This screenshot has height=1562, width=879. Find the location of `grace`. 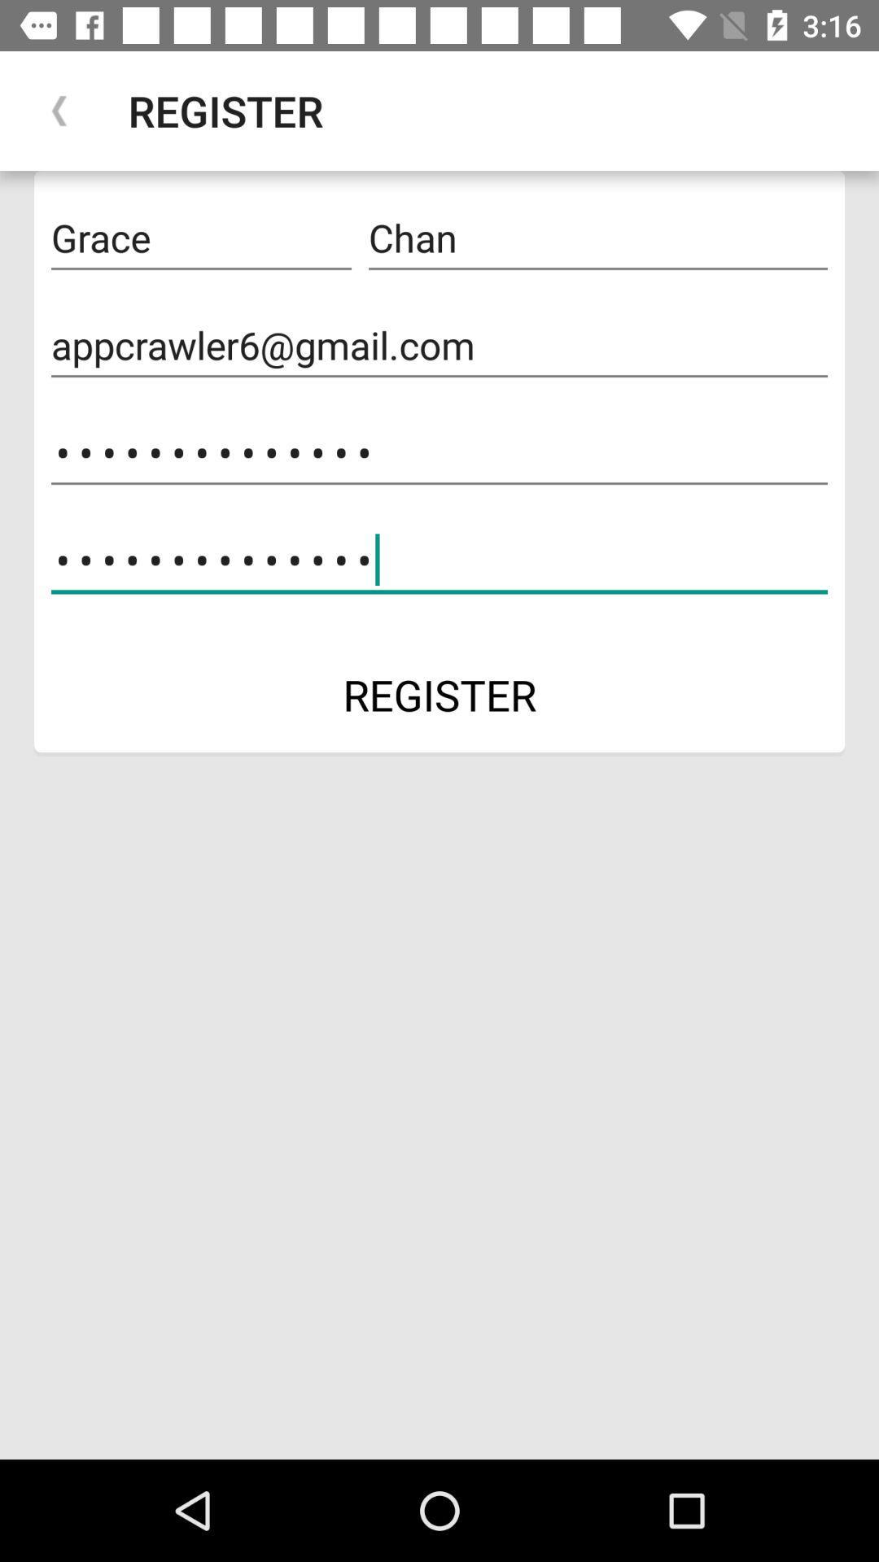

grace is located at coordinates (200, 238).